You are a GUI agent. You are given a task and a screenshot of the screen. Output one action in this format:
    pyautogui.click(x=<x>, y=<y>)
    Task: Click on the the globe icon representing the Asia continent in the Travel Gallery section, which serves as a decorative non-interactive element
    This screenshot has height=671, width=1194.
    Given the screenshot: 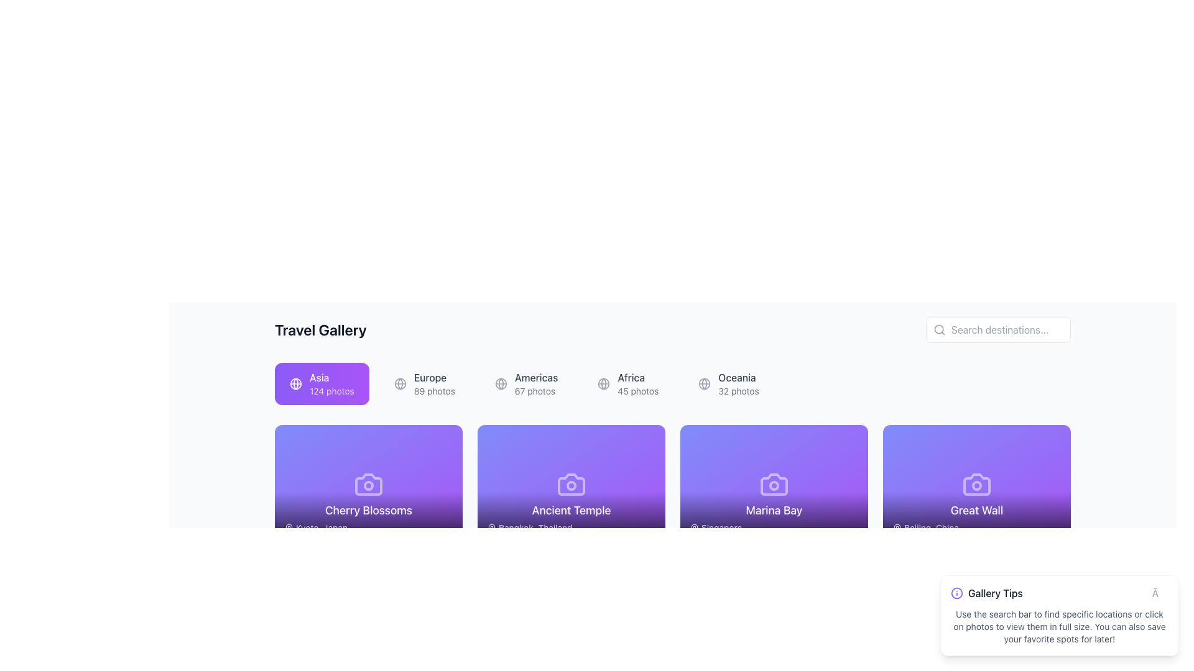 What is the action you would take?
    pyautogui.click(x=295, y=383)
    